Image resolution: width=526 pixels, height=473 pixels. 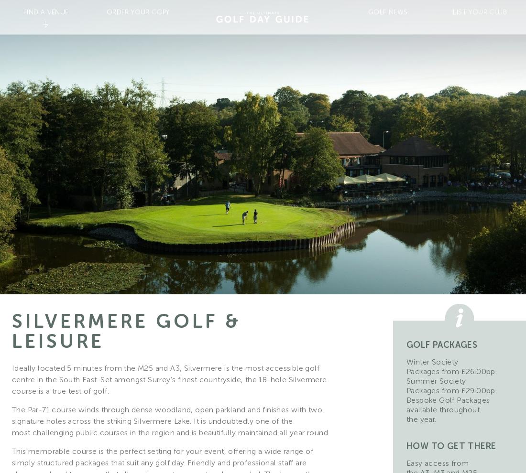 I want to click on 'Packages from £29.00pp.', so click(x=451, y=390).